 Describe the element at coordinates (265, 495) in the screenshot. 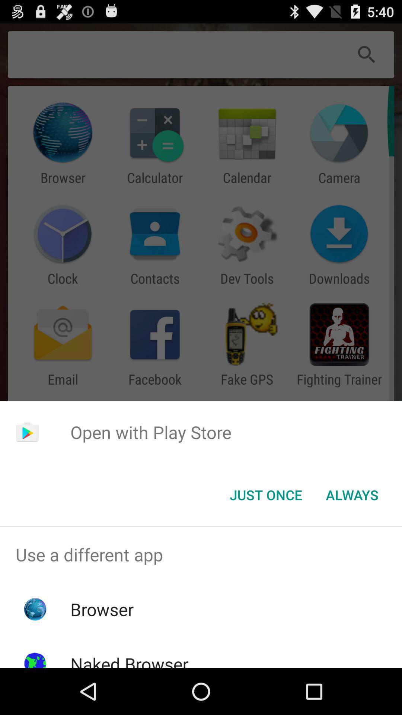

I see `the just once item` at that location.